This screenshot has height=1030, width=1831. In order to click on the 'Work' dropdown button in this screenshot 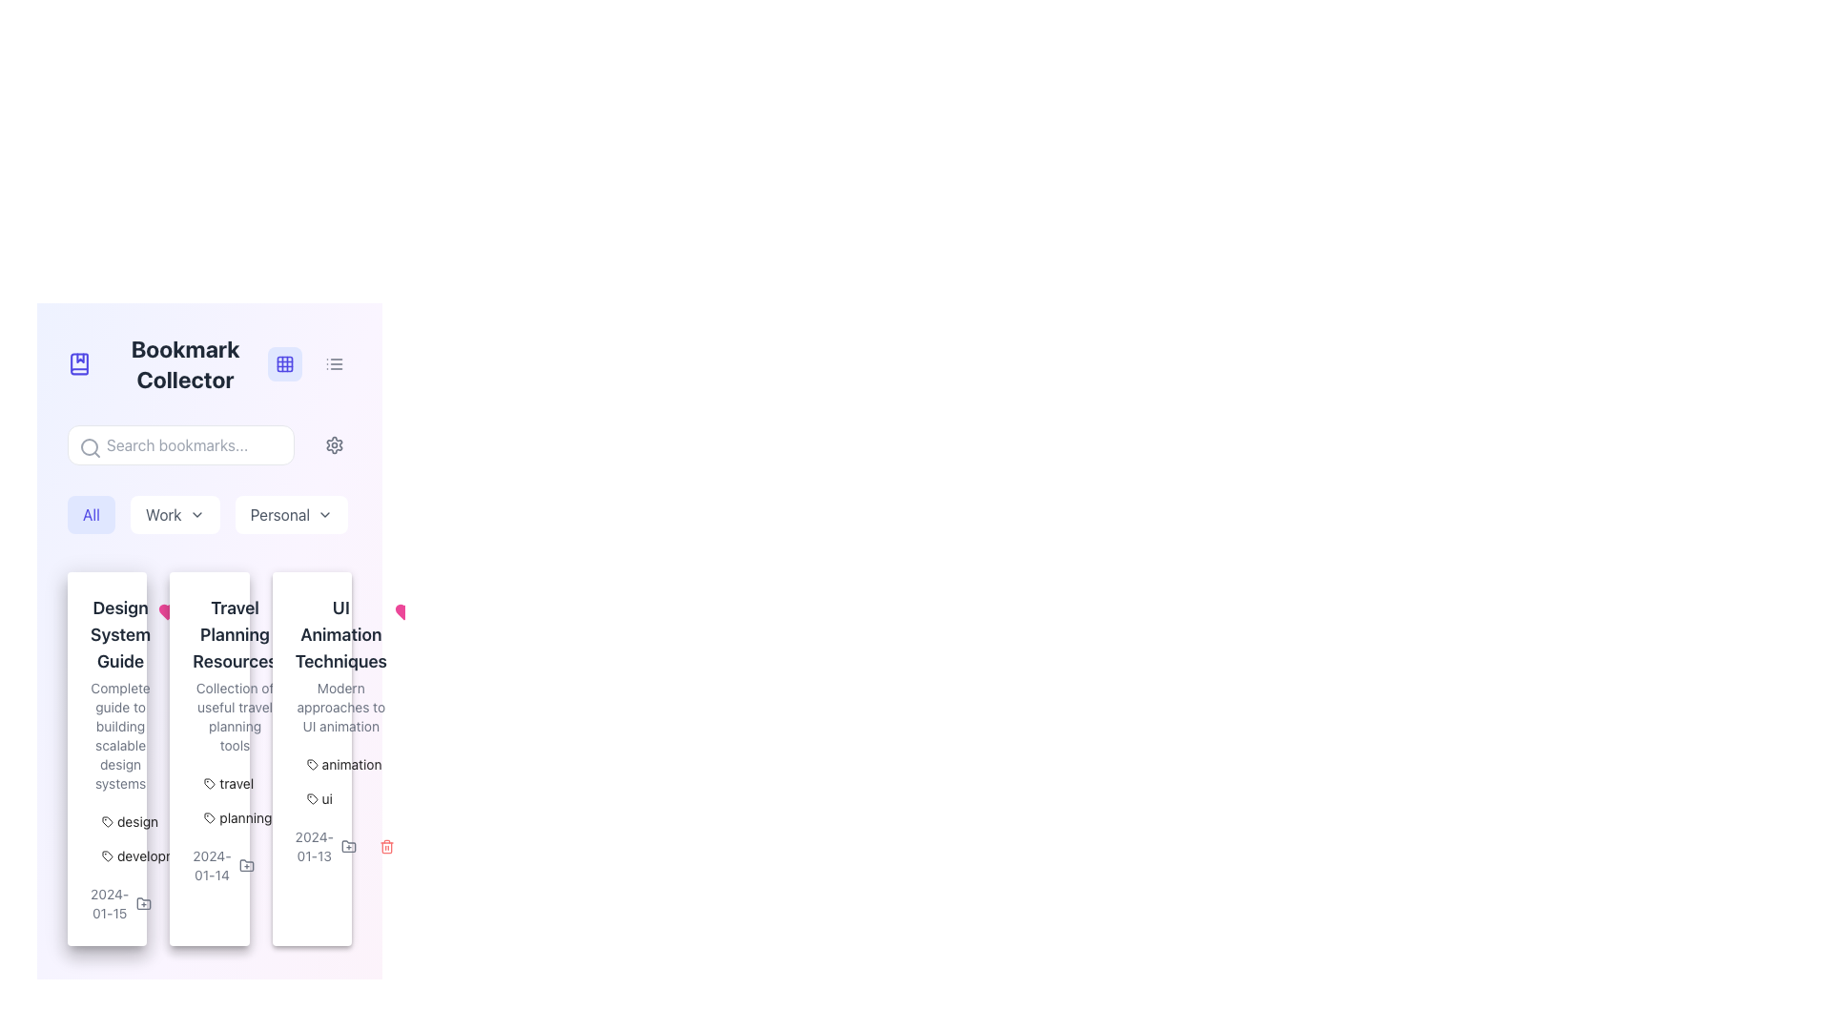, I will do `click(175, 515)`.